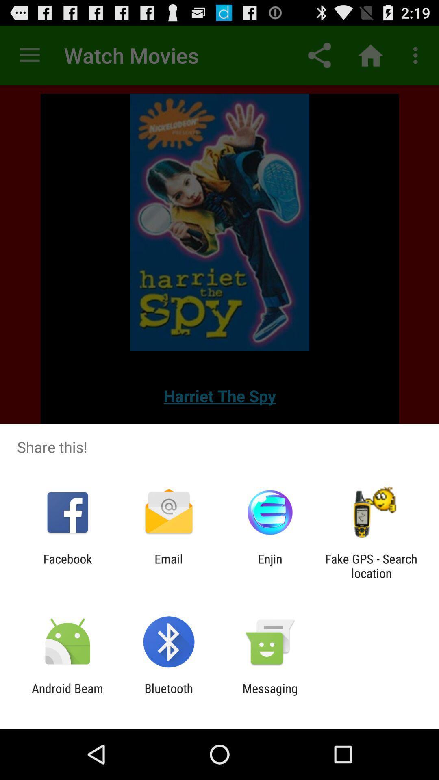 The image size is (439, 780). Describe the element at coordinates (168, 565) in the screenshot. I see `item next to enjin icon` at that location.